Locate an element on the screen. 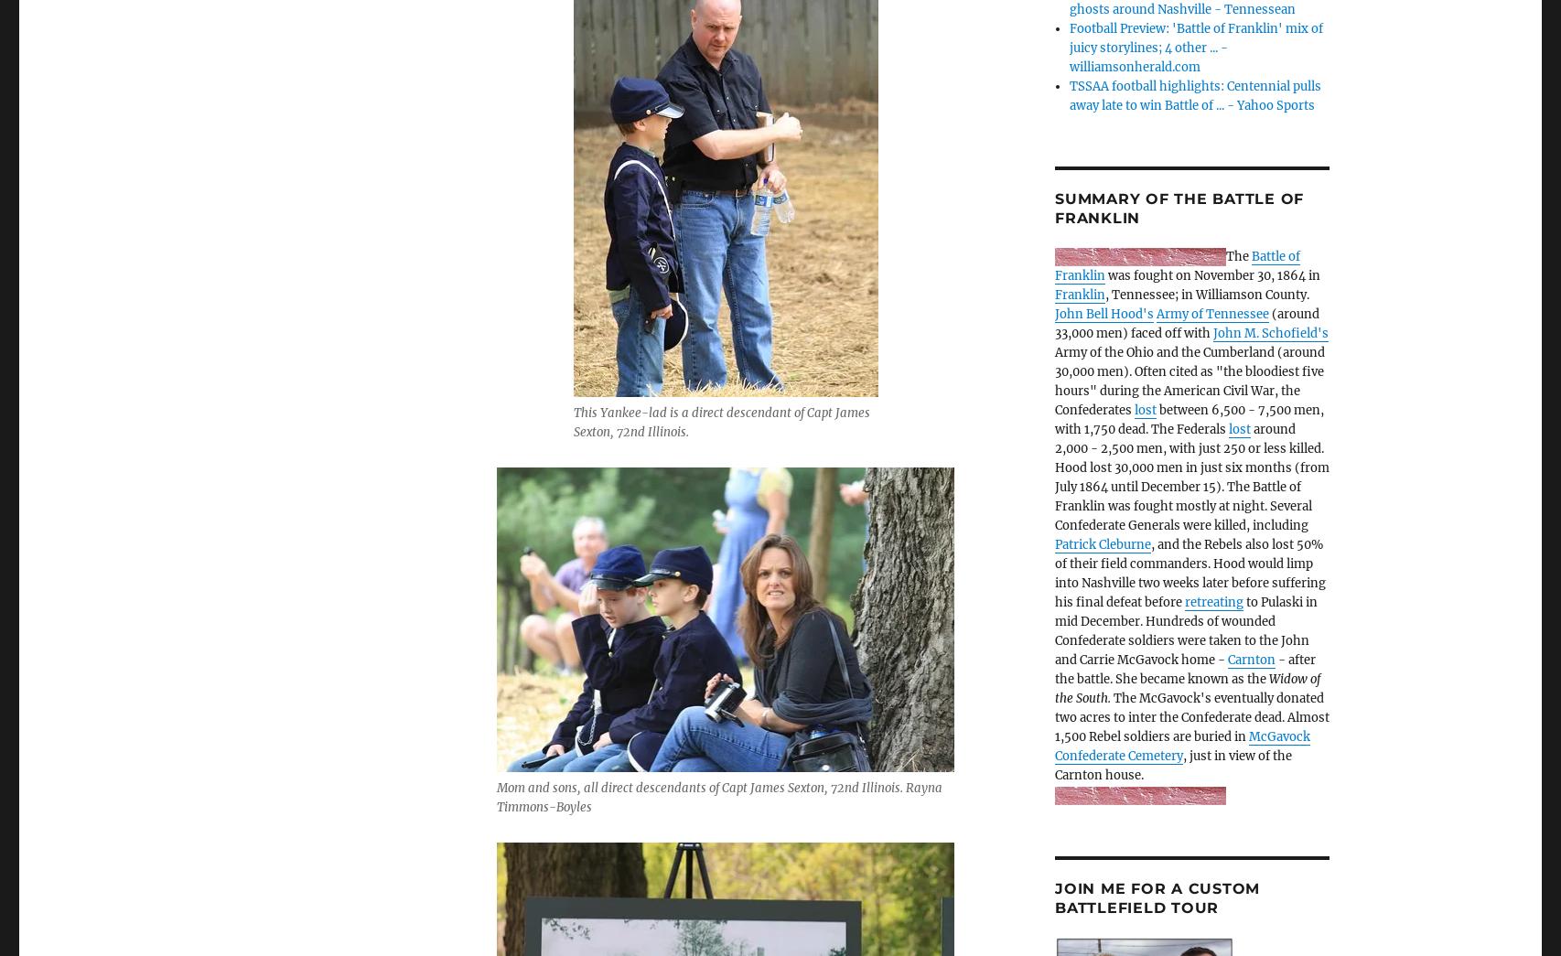 This screenshot has width=1561, height=956. 'Mom and sons, all direct descendants of Capt James Sexton, 72nd Illinois. Rayna Timmons-Boyles' is located at coordinates (718, 796).